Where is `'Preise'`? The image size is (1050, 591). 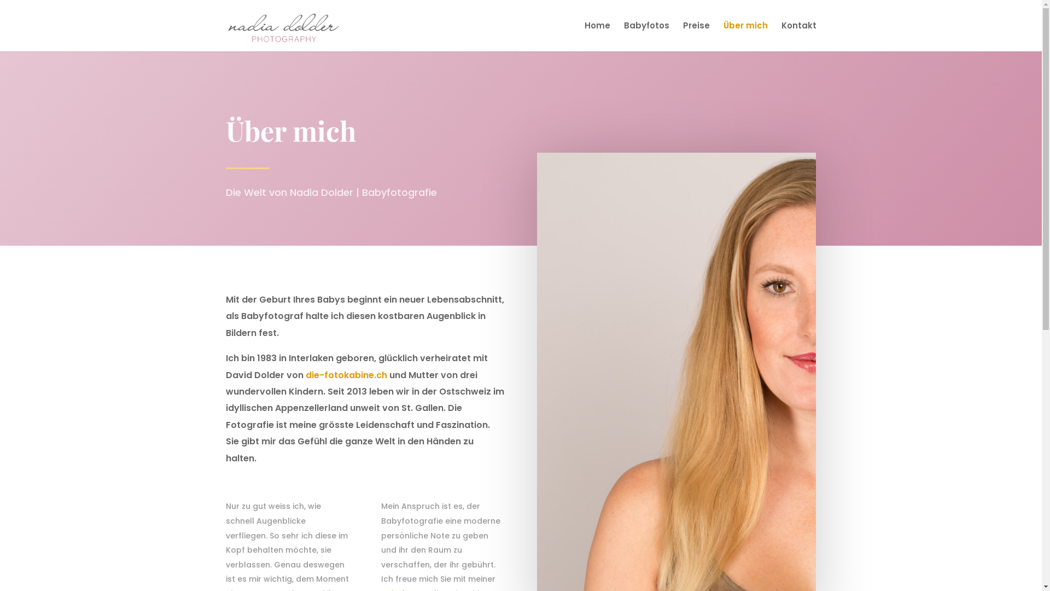 'Preise' is located at coordinates (695, 36).